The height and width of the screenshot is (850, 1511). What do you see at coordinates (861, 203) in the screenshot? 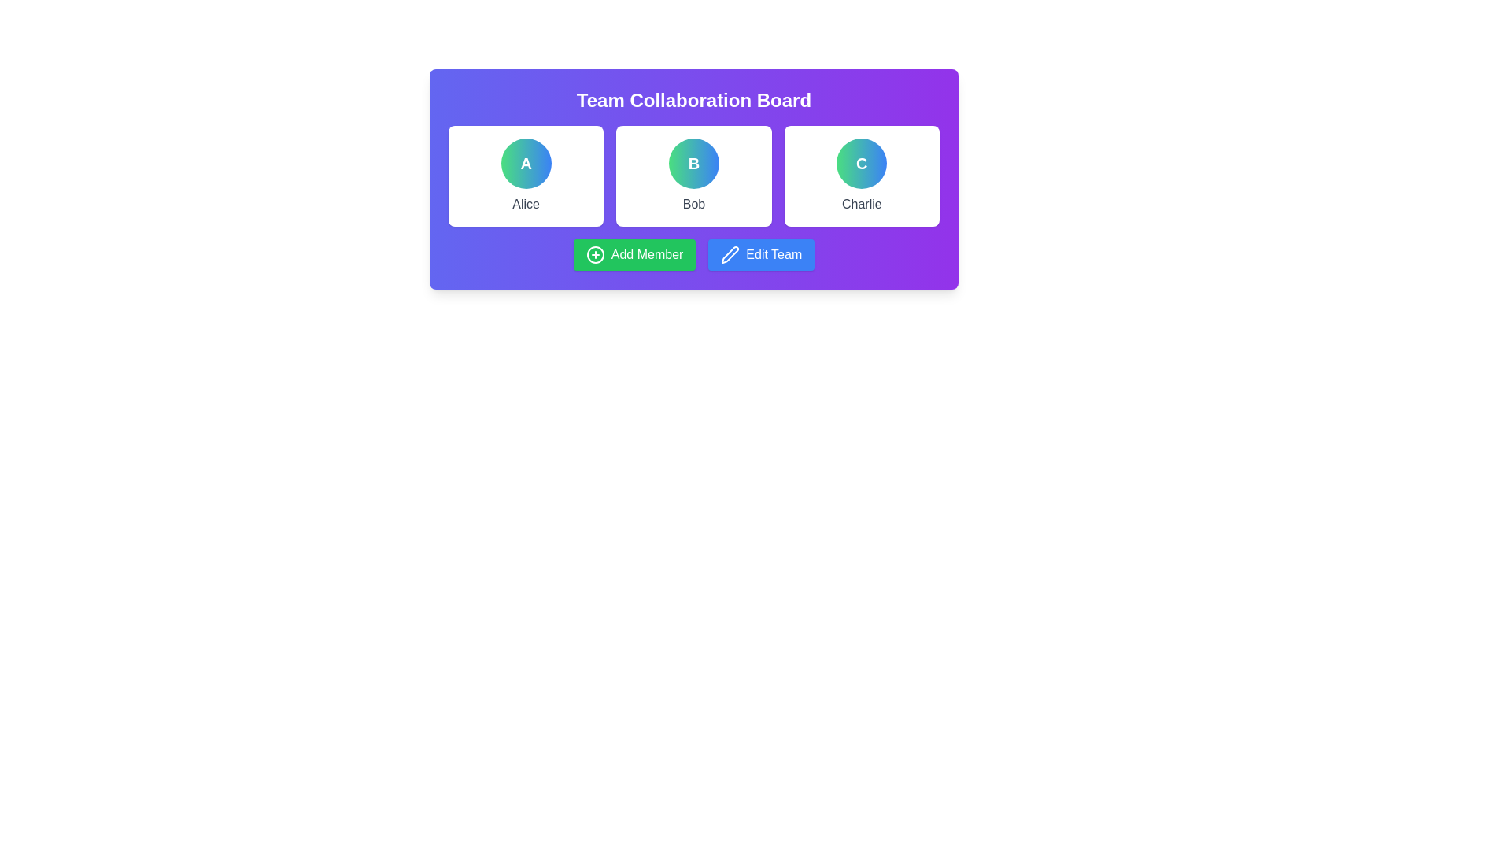
I see `text label displaying the name 'Charlie' located below the circular icon labeled 'C' in the rightmost user detail panel of the 'Team Collaboration Board' interface` at bounding box center [861, 203].